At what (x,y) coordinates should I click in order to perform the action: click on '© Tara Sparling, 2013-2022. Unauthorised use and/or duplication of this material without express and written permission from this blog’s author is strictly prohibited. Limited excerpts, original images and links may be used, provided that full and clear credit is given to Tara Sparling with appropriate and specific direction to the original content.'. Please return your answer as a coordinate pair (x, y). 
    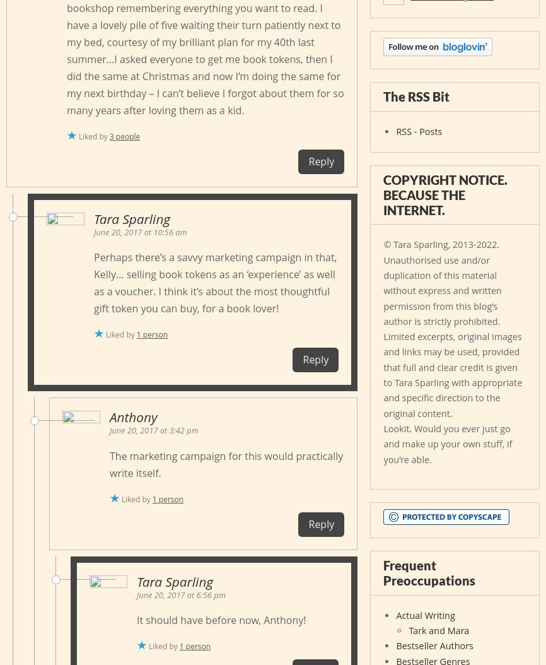
    Looking at the image, I should click on (452, 327).